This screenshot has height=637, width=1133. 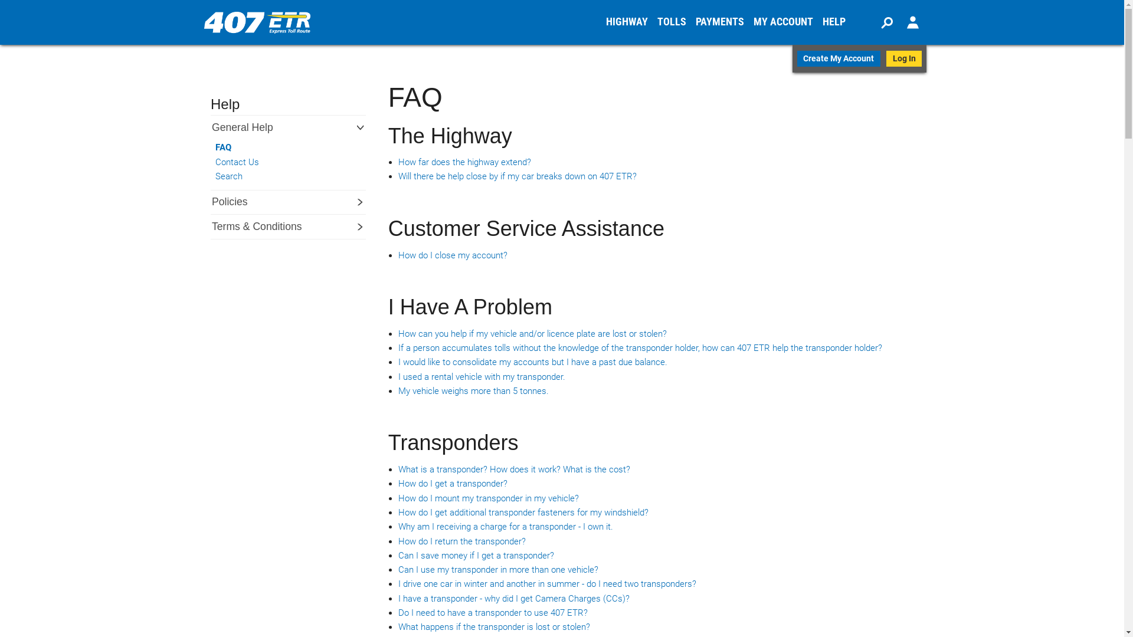 What do you see at coordinates (691, 22) in the screenshot?
I see `'PAYMENTS'` at bounding box center [691, 22].